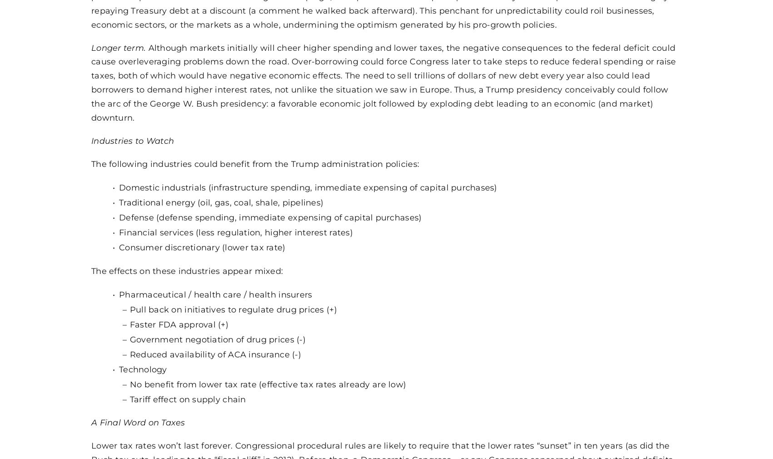  Describe the element at coordinates (308, 187) in the screenshot. I see `'Domestic industrials (infrastructure spending, immediate expensing of capital purchases)'` at that location.